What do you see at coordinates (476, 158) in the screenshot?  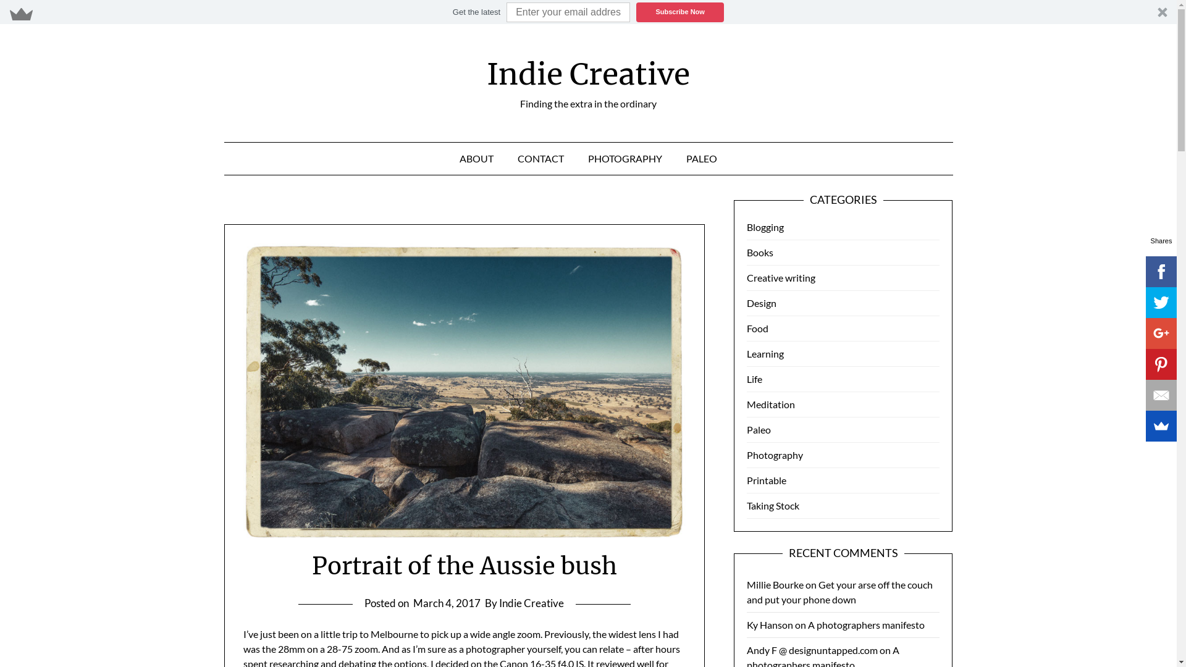 I see `'ABOUT'` at bounding box center [476, 158].